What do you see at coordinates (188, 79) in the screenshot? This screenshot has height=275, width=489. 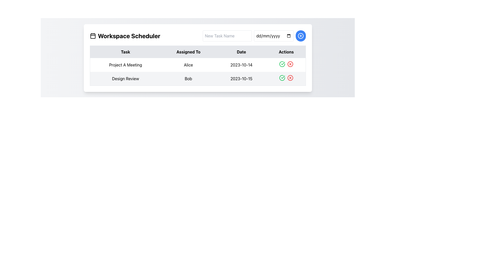 I see `the text element displaying the name 'Bob' in the second row under the 'Assigned To' column of the 'Workspace Scheduler' table` at bounding box center [188, 79].